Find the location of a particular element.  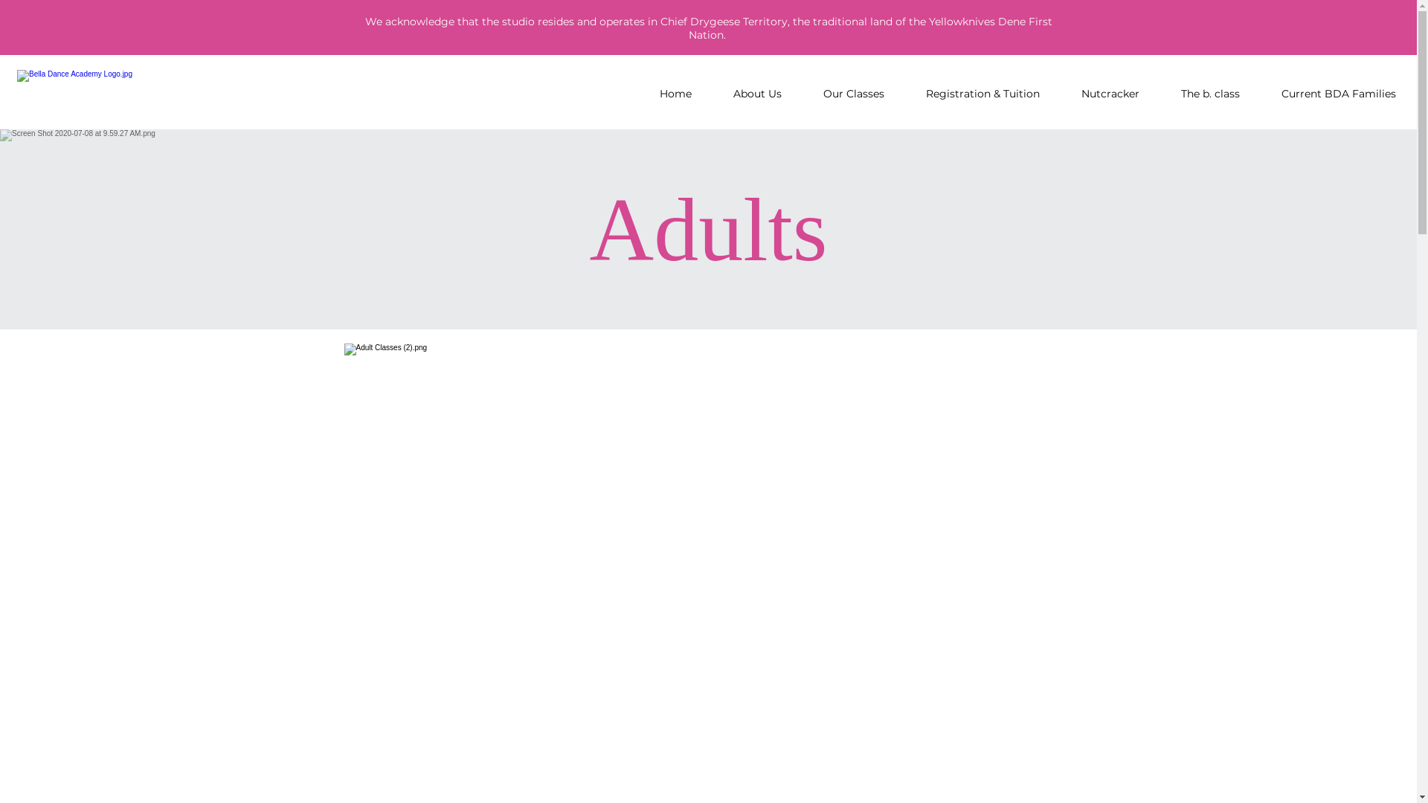

'About Us' is located at coordinates (757, 94).